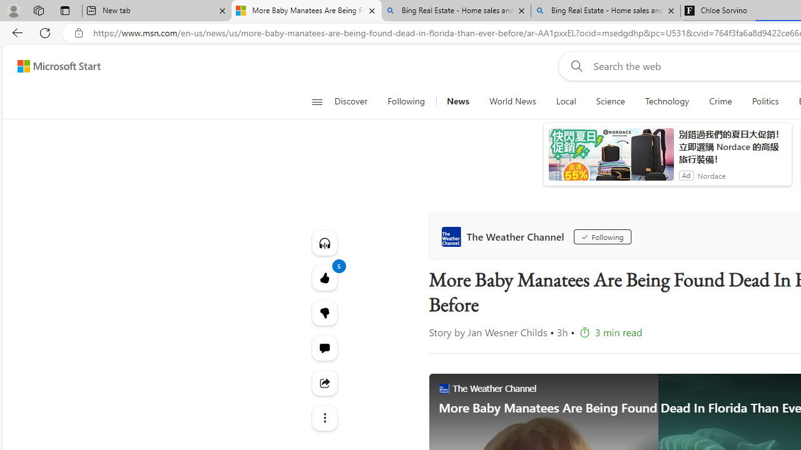 This screenshot has height=450, width=801. What do you see at coordinates (685, 175) in the screenshot?
I see `'Ad'` at bounding box center [685, 175].